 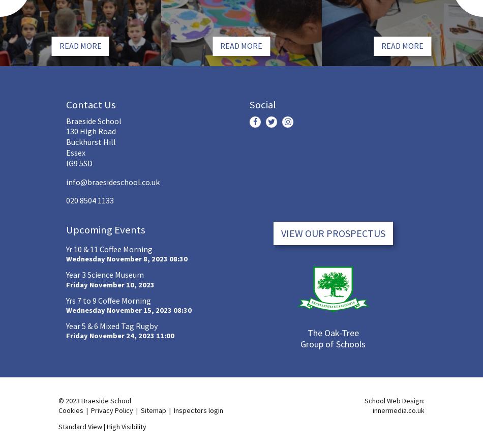 What do you see at coordinates (153, 409) in the screenshot?
I see `'Sitemap'` at bounding box center [153, 409].